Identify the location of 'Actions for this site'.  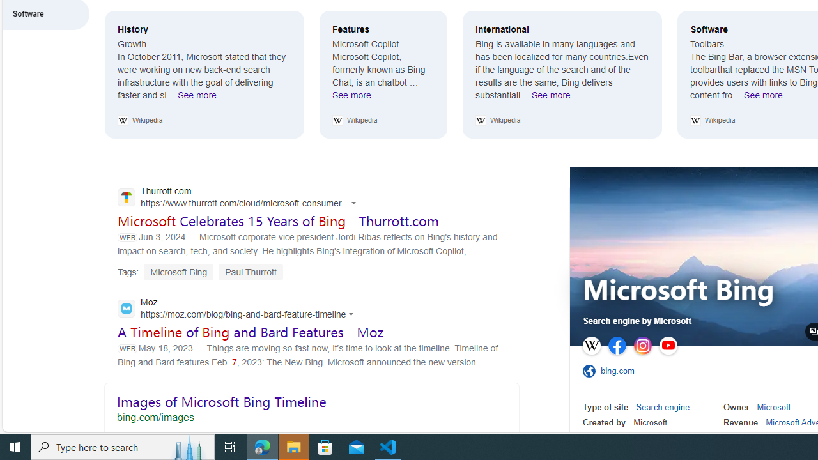
(353, 314).